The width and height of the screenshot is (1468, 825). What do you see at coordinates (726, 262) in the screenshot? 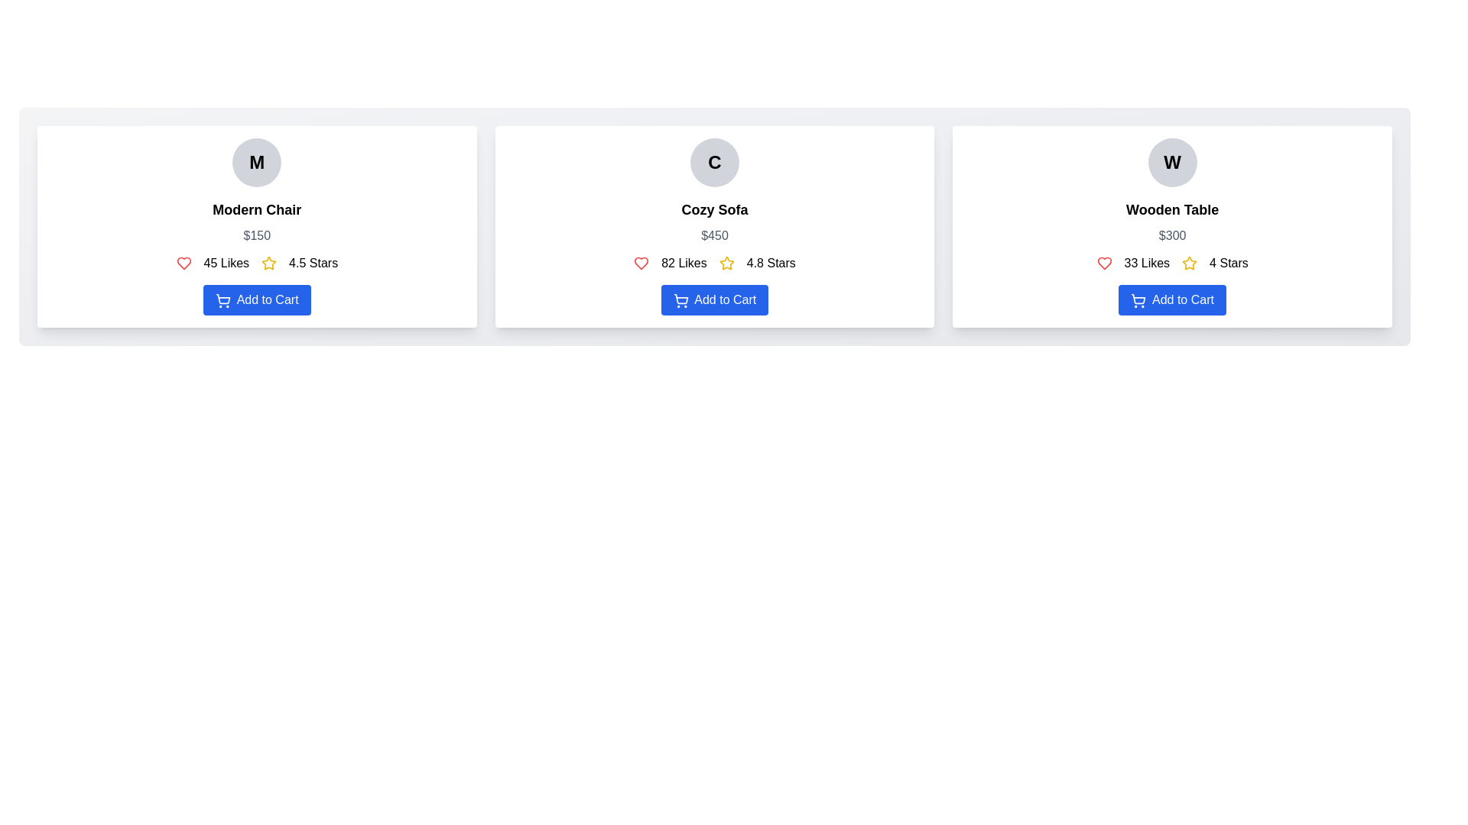
I see `the yellow star icon representing a rating feature located in the middle card beneath the title 'Cozy Sofa' and to the left of '4.8 Stars' to interact with it` at bounding box center [726, 262].